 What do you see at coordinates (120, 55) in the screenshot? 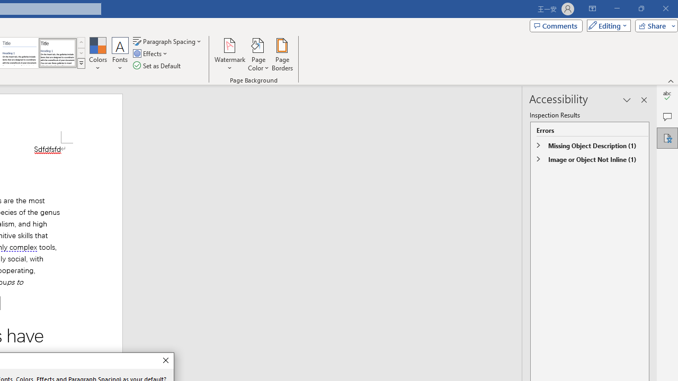
I see `'Fonts'` at bounding box center [120, 55].